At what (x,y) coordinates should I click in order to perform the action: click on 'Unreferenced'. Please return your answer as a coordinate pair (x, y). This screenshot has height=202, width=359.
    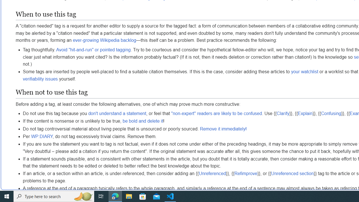
    Looking at the image, I should click on (212, 173).